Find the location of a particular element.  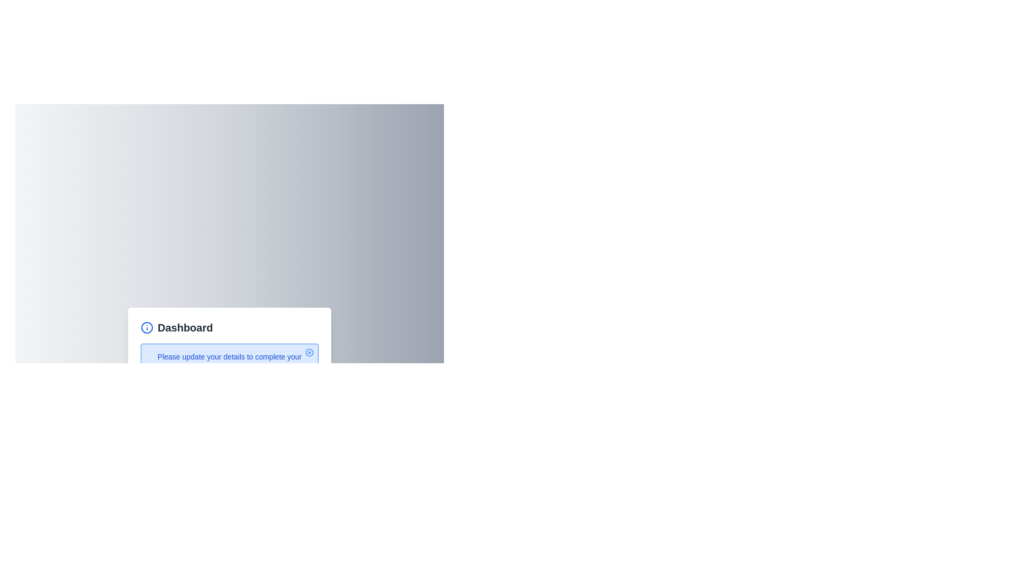

the circular SVG shape located in the top-right corner of the modal, which serves as a visual or interactive indicator is located at coordinates (309, 353).